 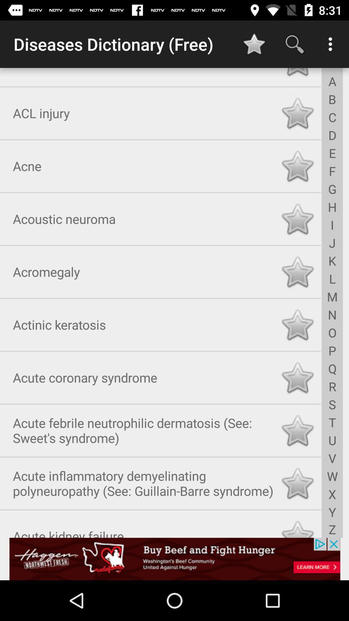 What do you see at coordinates (297, 376) in the screenshot?
I see `favourites` at bounding box center [297, 376].